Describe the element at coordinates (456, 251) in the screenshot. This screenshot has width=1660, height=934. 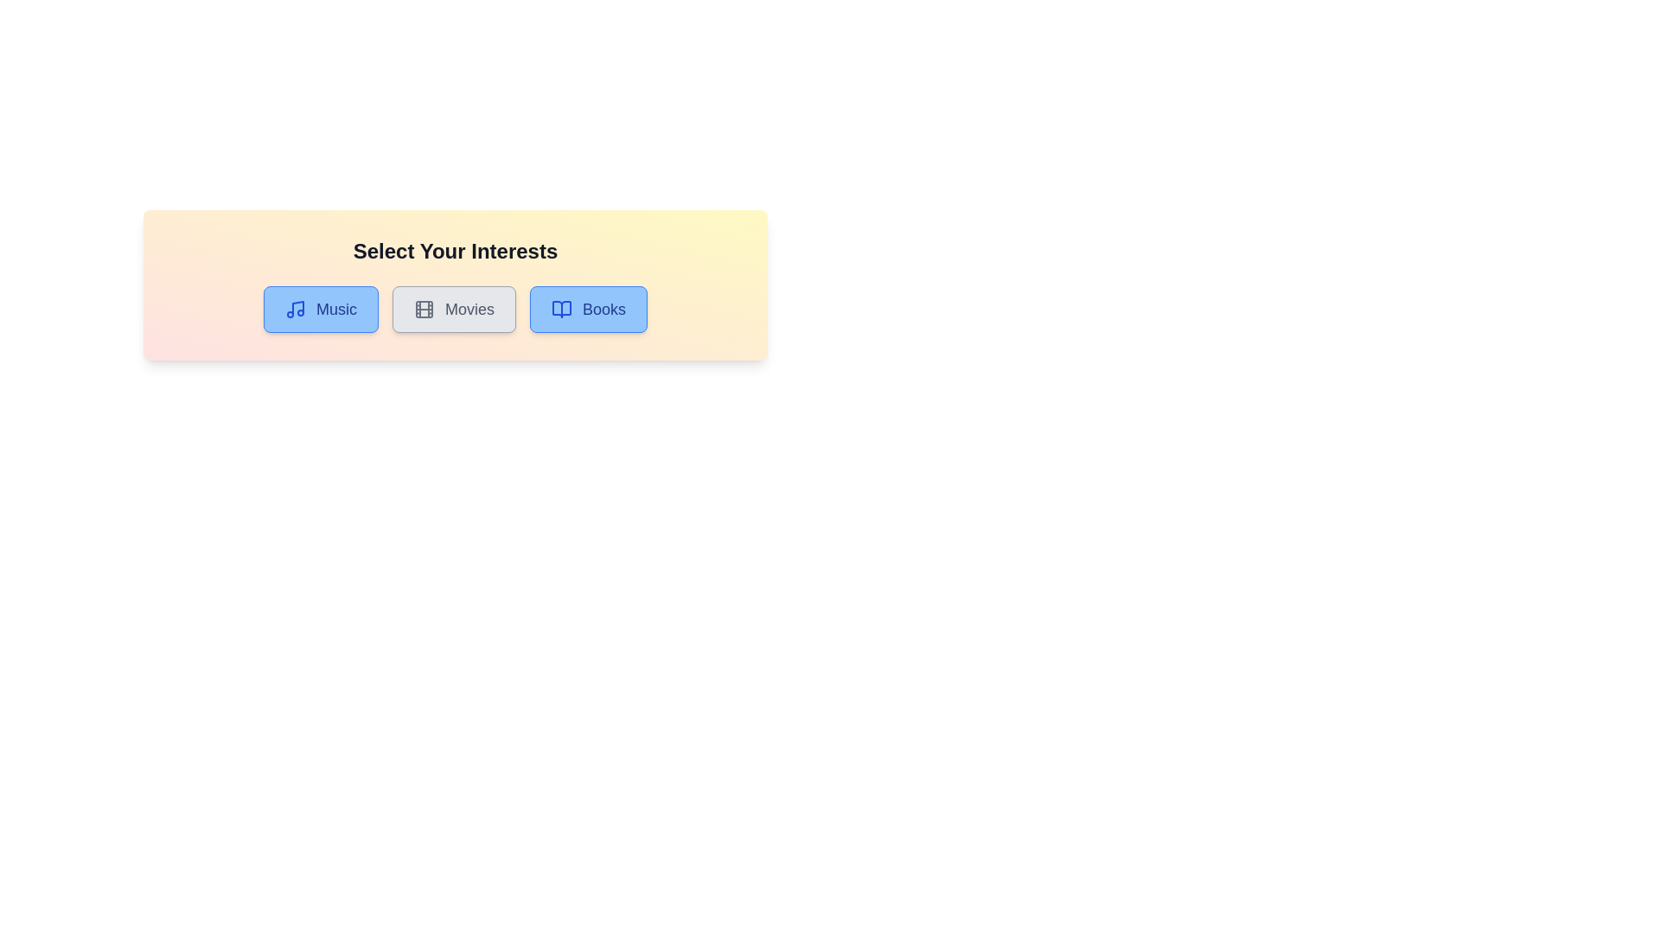
I see `the instruction text 'Select Your Interests' displayed above the buttons` at that location.